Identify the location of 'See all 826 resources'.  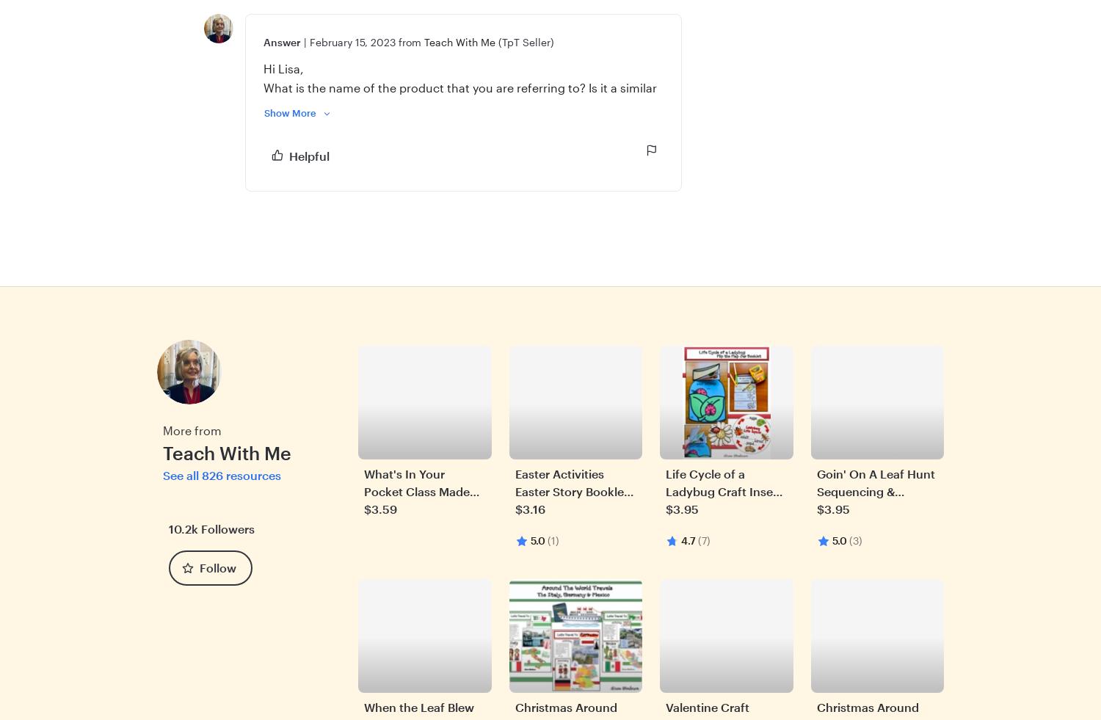
(222, 474).